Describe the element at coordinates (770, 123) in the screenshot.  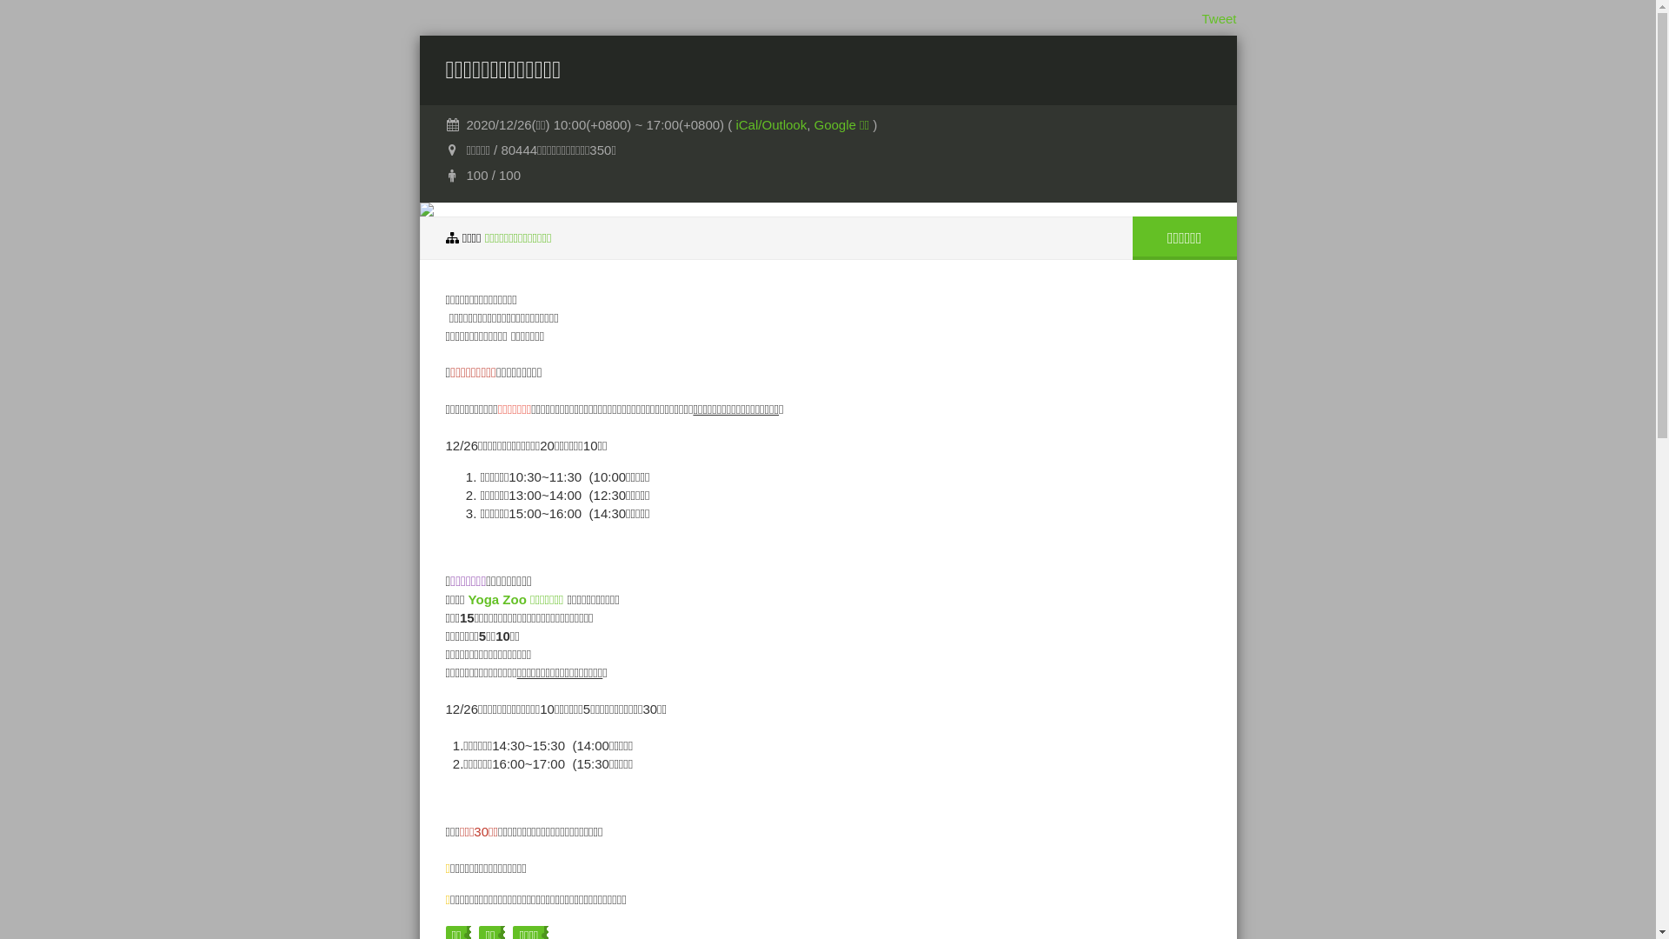
I see `'iCal/Outlook'` at that location.